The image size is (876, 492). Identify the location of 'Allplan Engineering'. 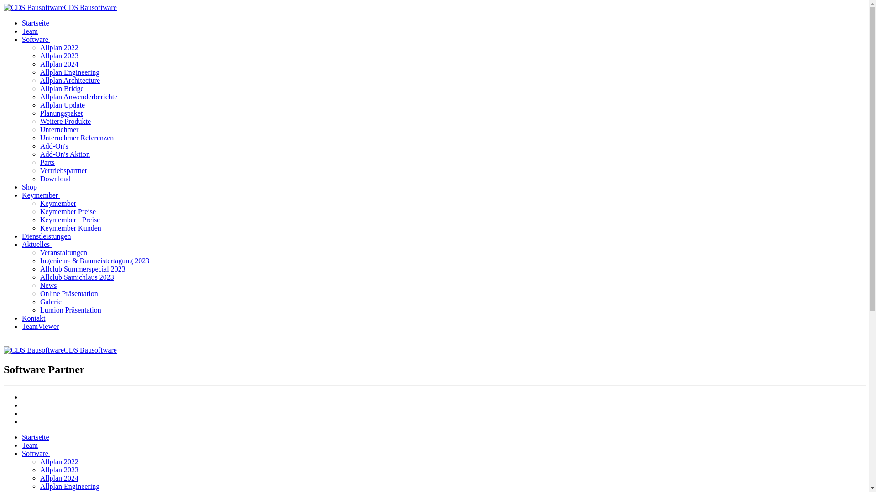
(69, 72).